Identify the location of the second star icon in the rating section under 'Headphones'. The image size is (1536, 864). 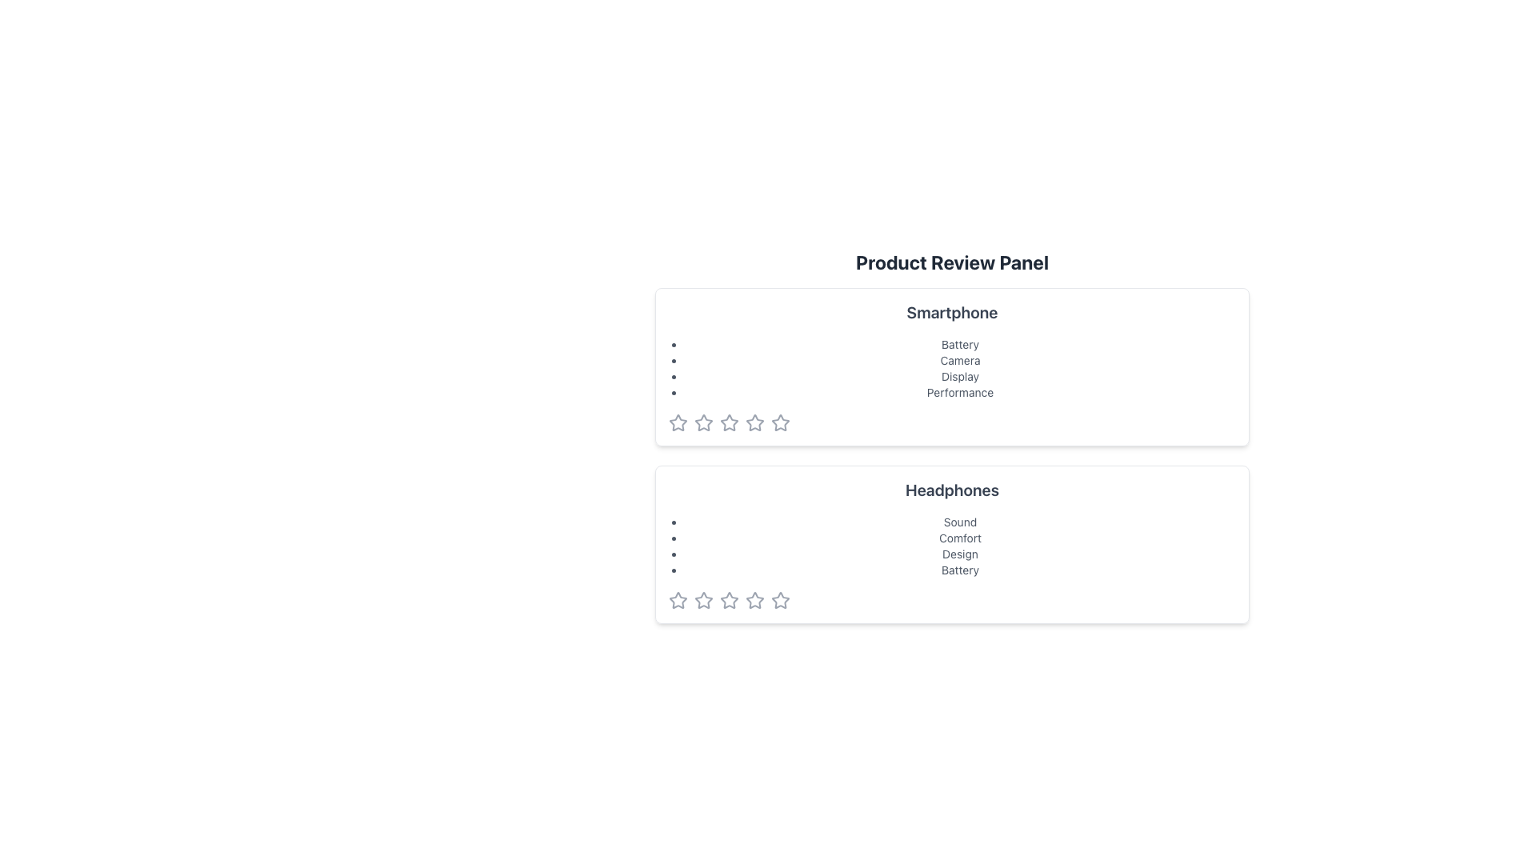
(703, 601).